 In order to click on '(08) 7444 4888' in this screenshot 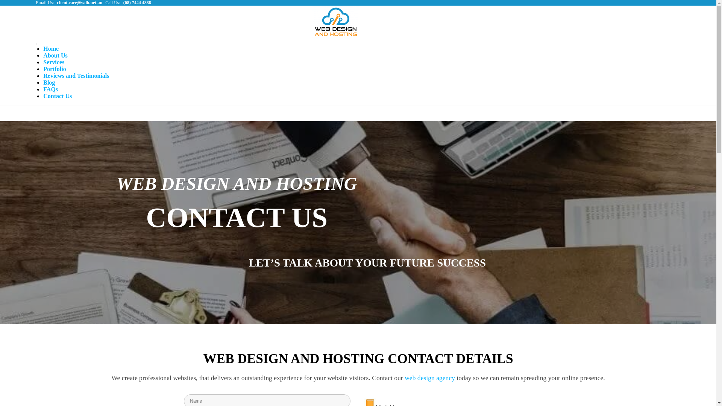, I will do `click(137, 3)`.